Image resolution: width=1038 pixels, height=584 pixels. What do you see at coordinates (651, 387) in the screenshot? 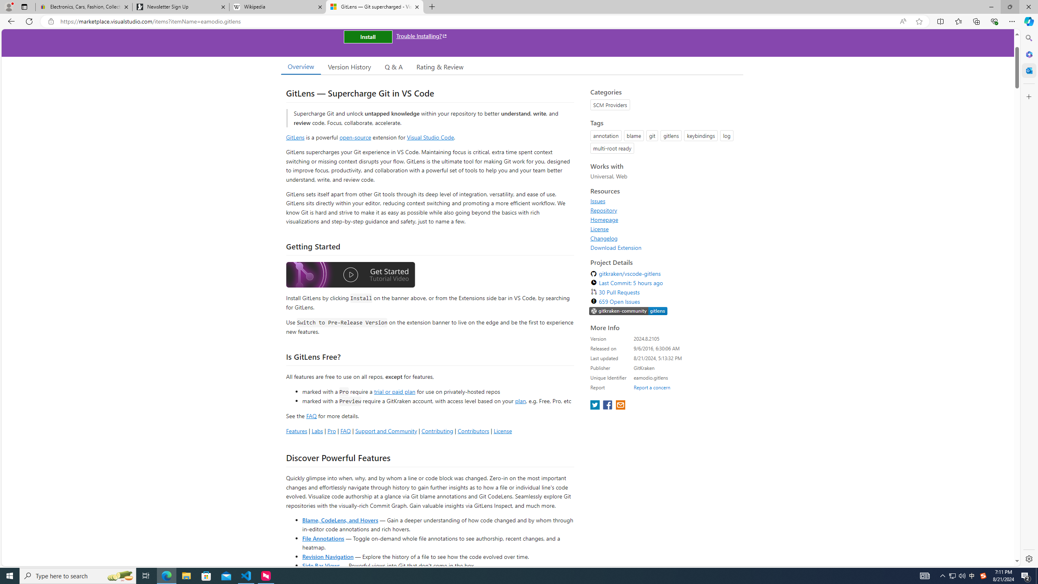
I see `'Report a concern'` at bounding box center [651, 387].